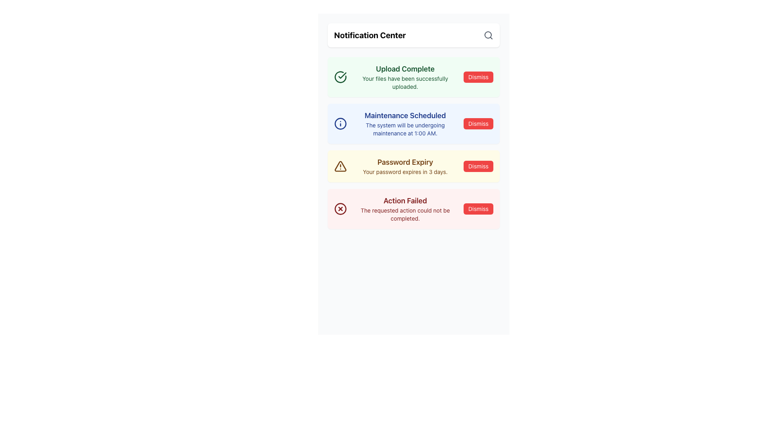 Image resolution: width=772 pixels, height=434 pixels. What do you see at coordinates (405, 209) in the screenshot?
I see `the failure notification text label located in the fourth notification card, positioned just left of the 'Dismiss' button` at bounding box center [405, 209].